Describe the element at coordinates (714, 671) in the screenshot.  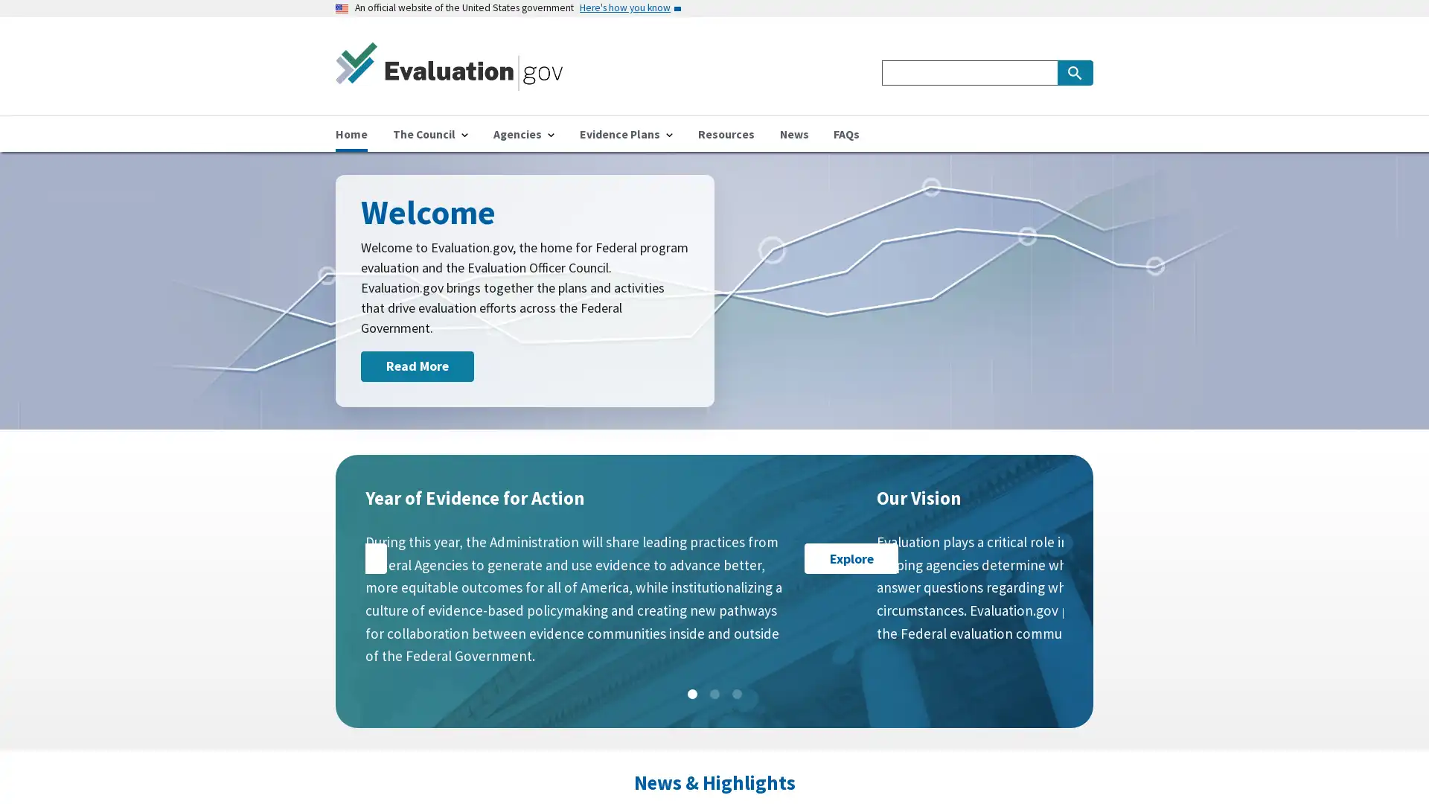
I see `Slide: 2` at that location.